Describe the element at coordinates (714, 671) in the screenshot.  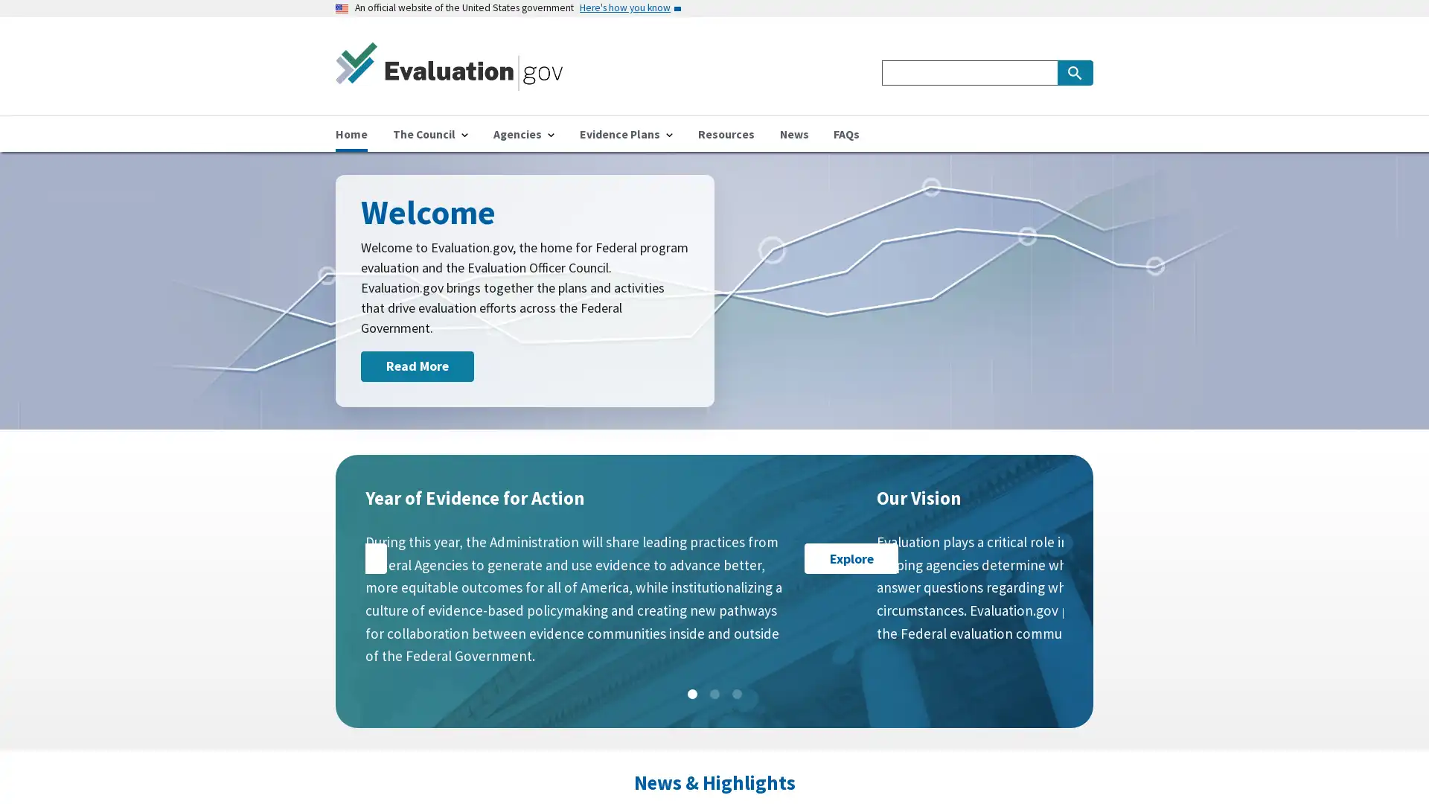
I see `Slide: 2` at that location.